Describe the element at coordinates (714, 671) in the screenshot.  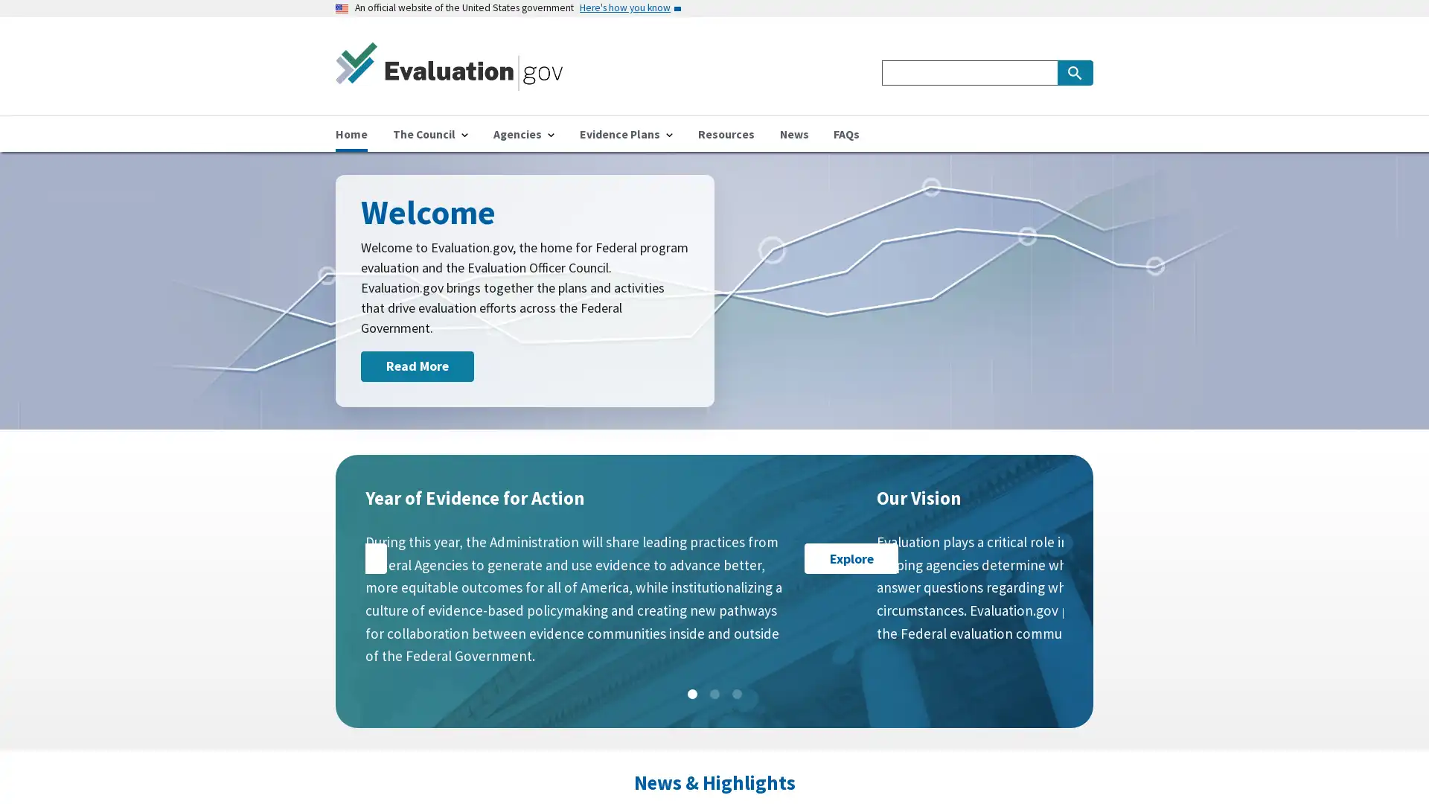
I see `Slide: 2` at that location.